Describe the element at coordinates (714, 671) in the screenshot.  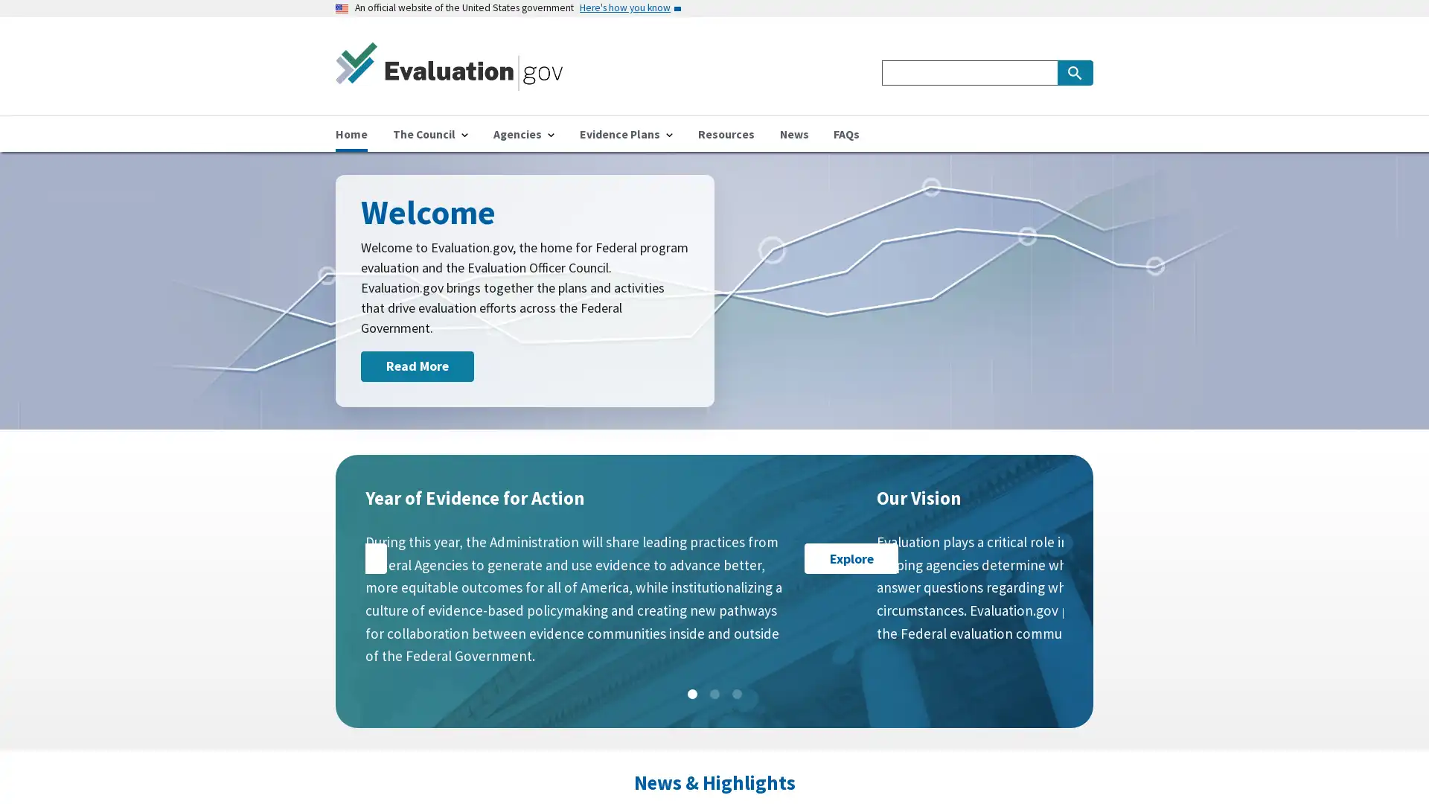
I see `Slide: 2` at that location.